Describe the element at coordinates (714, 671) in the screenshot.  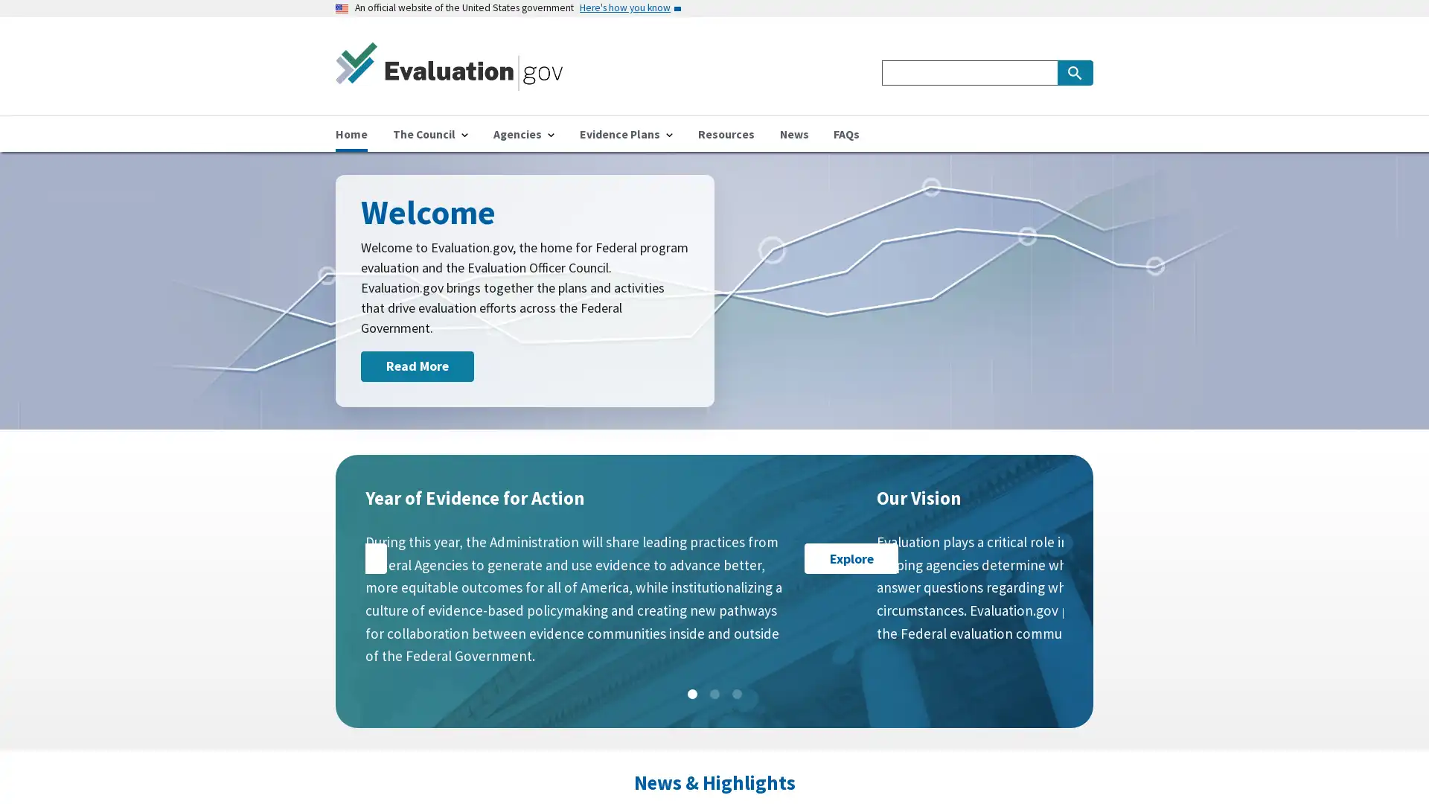
I see `Slide: 2` at that location.